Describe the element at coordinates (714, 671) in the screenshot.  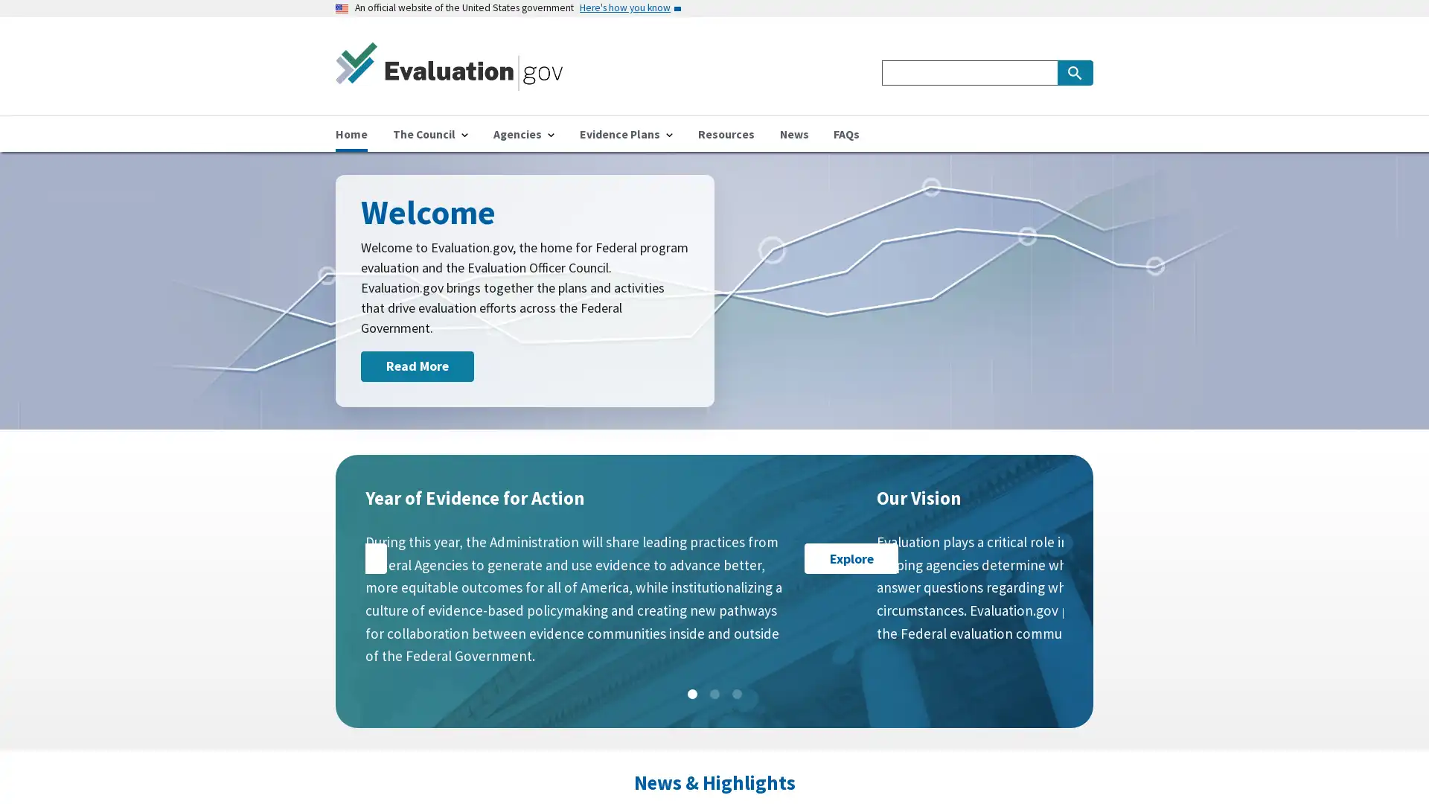
I see `Slide: 2` at that location.